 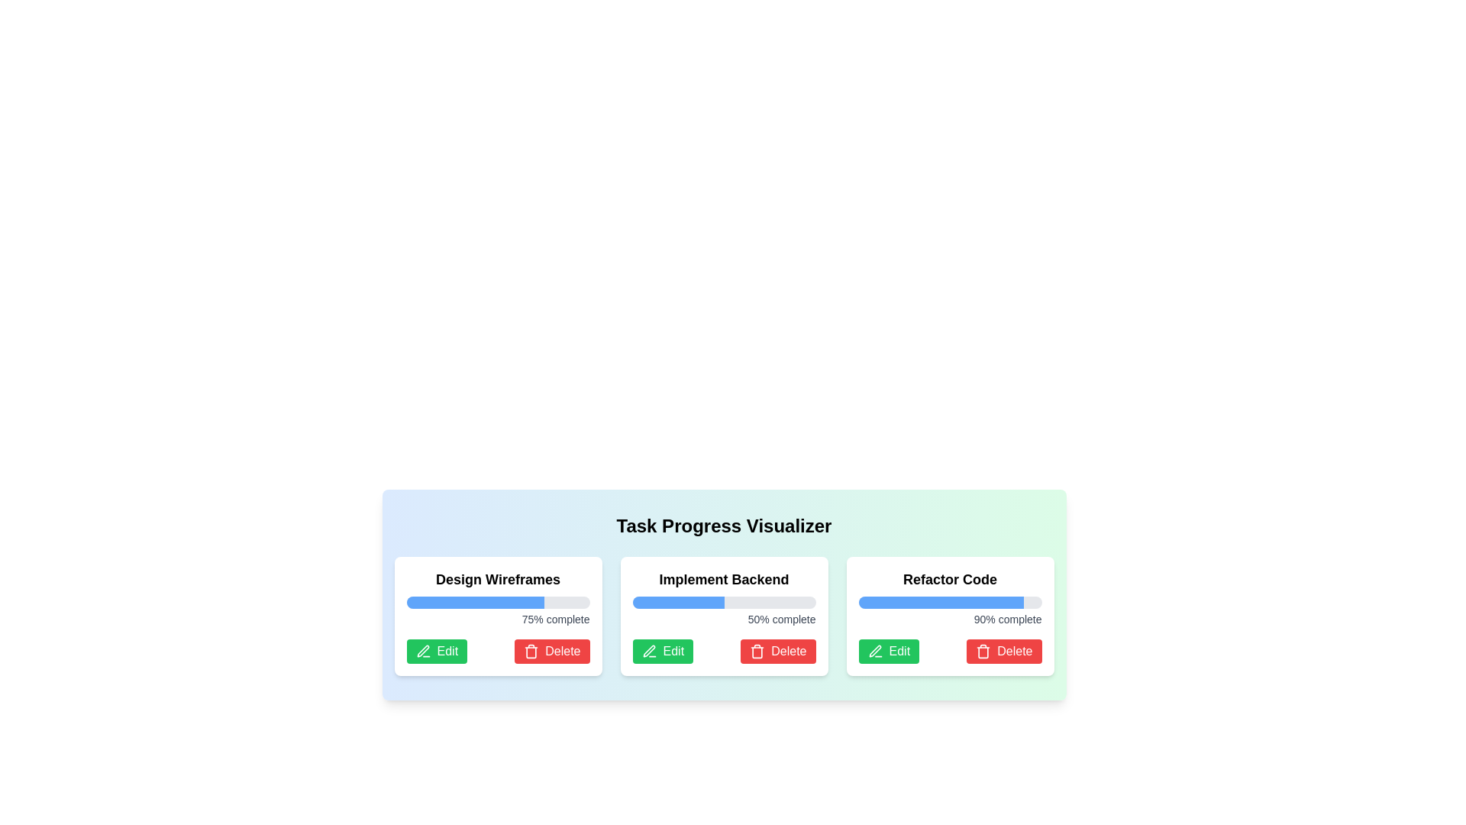 What do you see at coordinates (551, 651) in the screenshot?
I see `the red 'Delete' button with a trash can icon located to the right of the 'Edit' button in the 'Design Wireframes' card to initiate a delete action` at bounding box center [551, 651].